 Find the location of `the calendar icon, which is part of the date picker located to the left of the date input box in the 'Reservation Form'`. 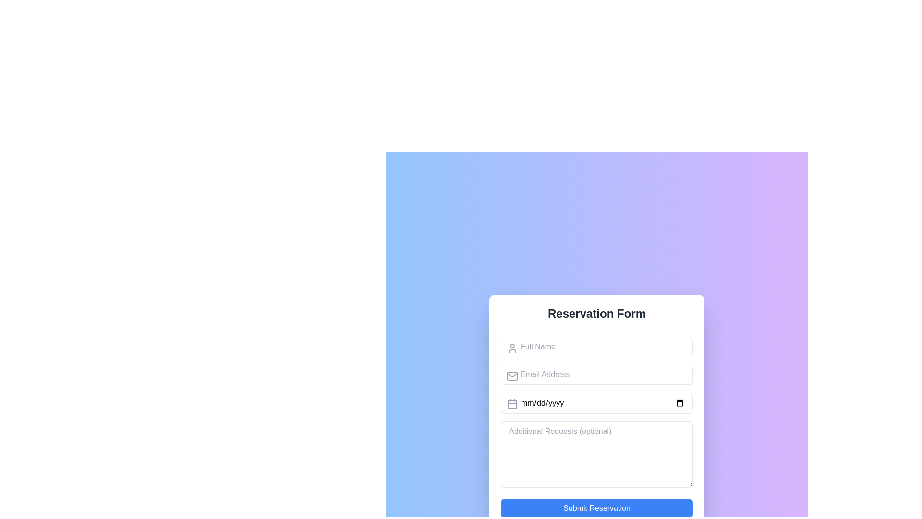

the calendar icon, which is part of the date picker located to the left of the date input box in the 'Reservation Form' is located at coordinates (511, 404).